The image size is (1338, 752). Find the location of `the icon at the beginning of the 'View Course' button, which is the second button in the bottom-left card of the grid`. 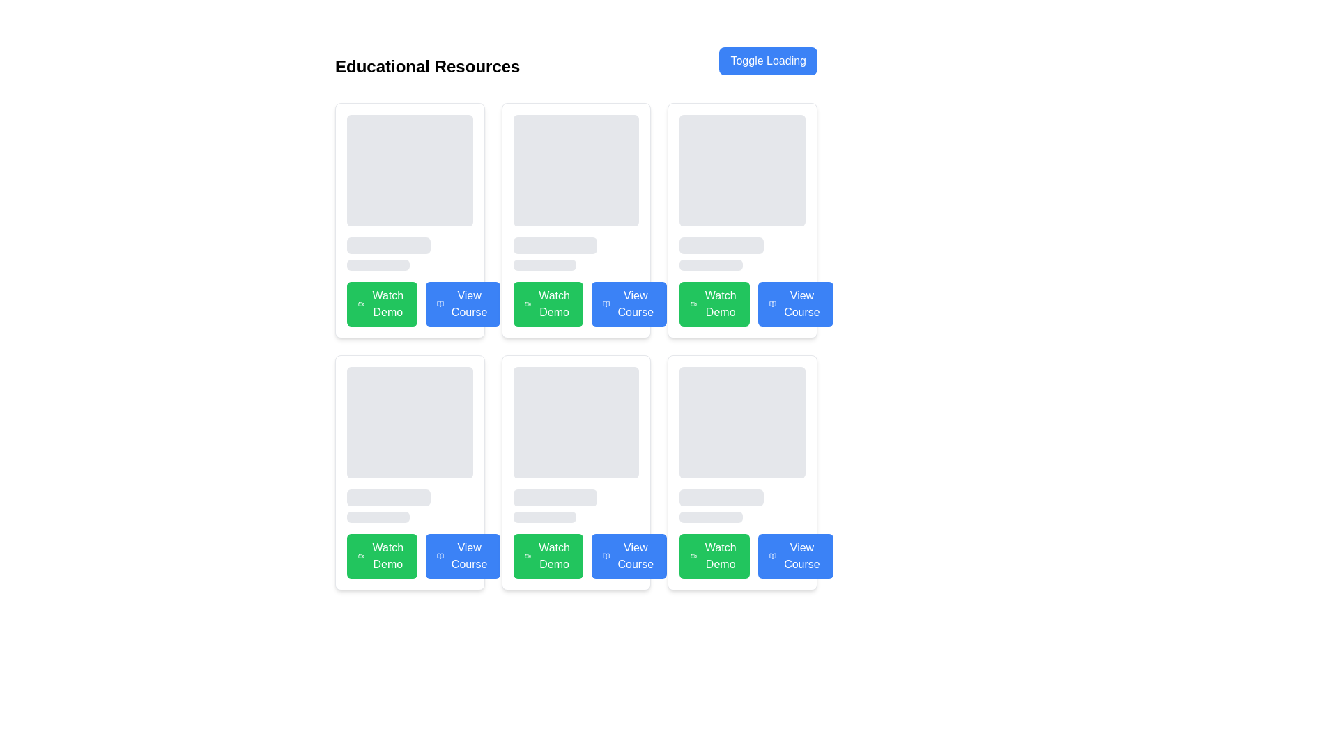

the icon at the beginning of the 'View Course' button, which is the second button in the bottom-left card of the grid is located at coordinates (439, 555).